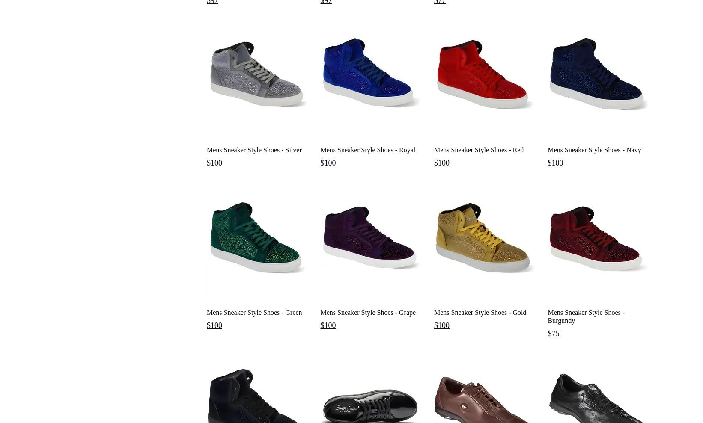  Describe the element at coordinates (219, 18) in the screenshot. I see `'Tuxedo Jacket'` at that location.